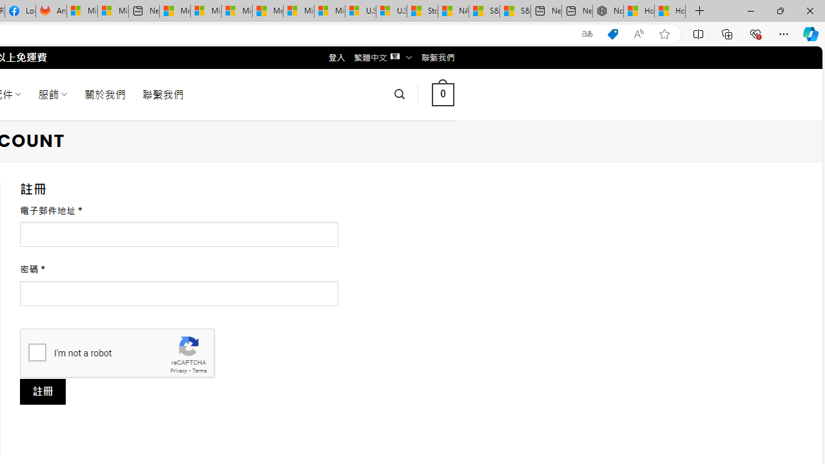 The image size is (825, 464). I want to click on 'How to Use a Monitor With Your Closed Laptop', so click(670, 11).